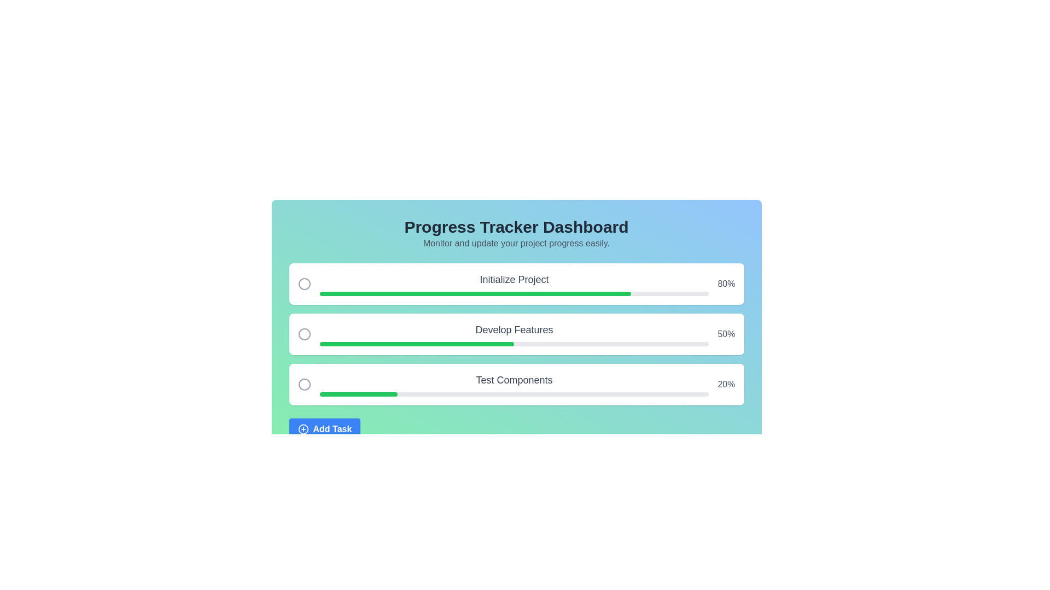 The image size is (1050, 590). I want to click on title and description of the Header section titled 'Progress Tracker Dashboard', which is centrally aligned and located at the top of the interface, so click(516, 233).